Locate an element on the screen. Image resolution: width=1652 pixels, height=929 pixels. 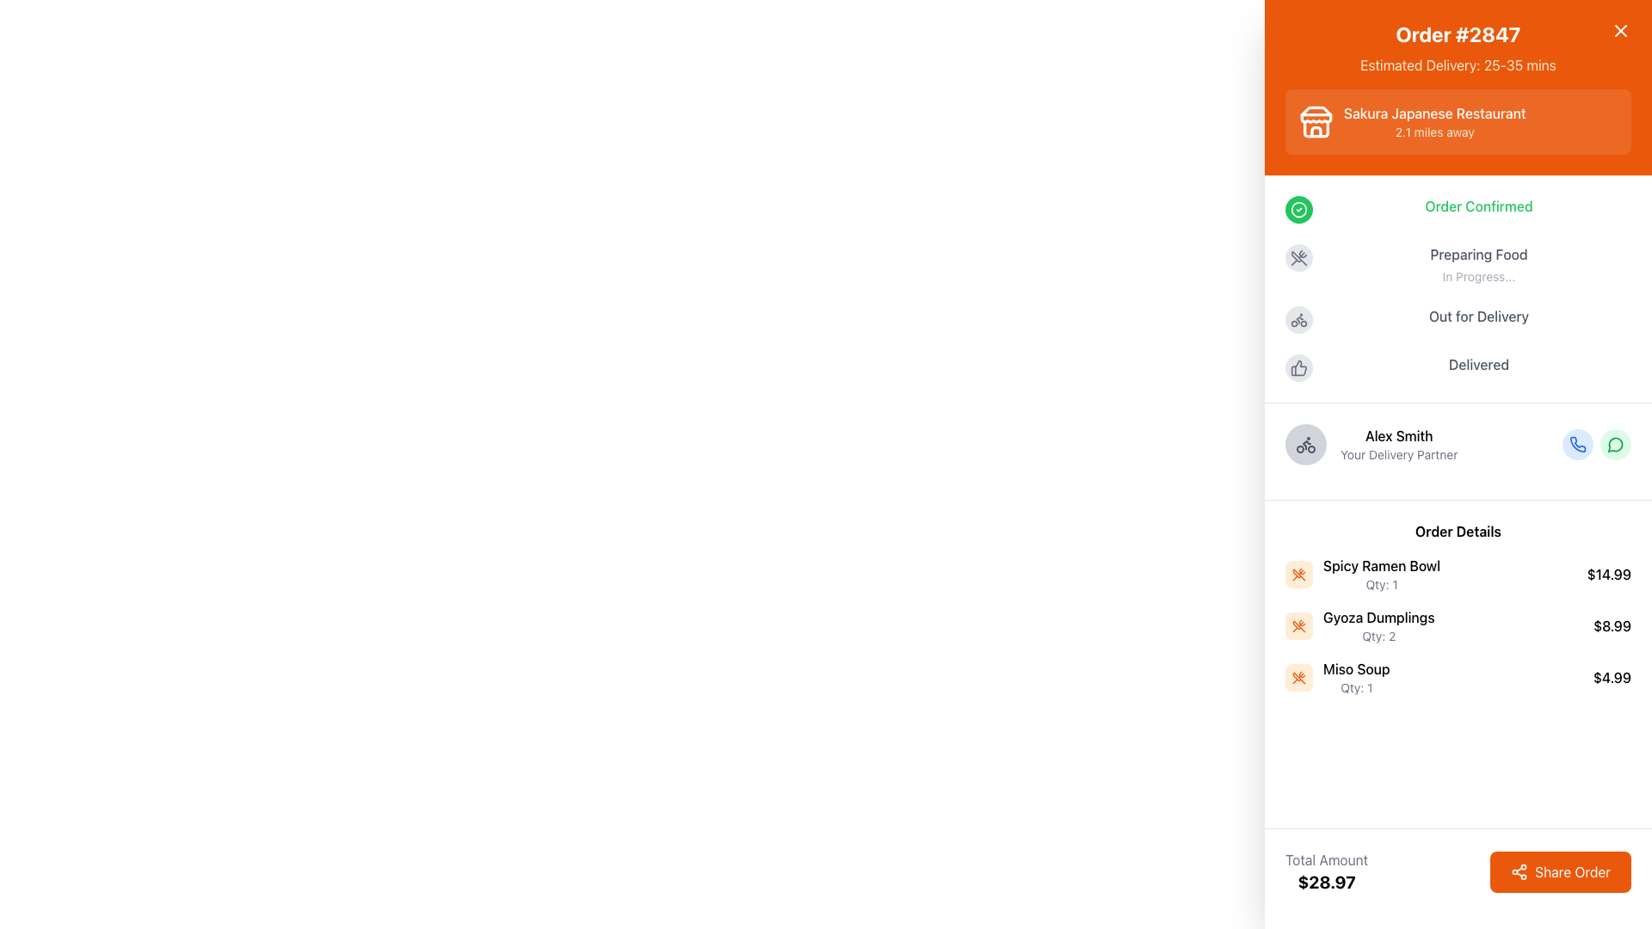
the status indicator text label that shows the delivery status, located in the right-side panel beneath the thumbs-up icon and above the section titled 'Alex Smith - Your Delivery Partner.' is located at coordinates (1477, 364).